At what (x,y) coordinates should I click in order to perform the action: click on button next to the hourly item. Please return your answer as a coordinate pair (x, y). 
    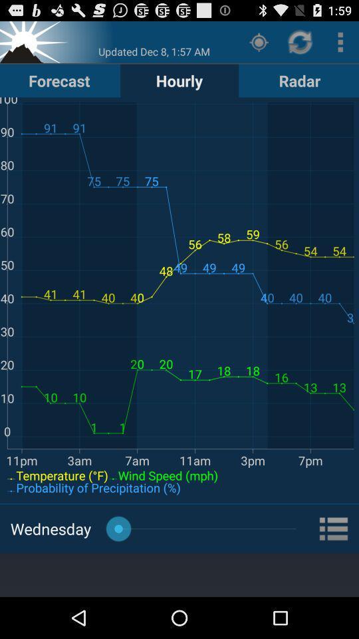
    Looking at the image, I should click on (299, 80).